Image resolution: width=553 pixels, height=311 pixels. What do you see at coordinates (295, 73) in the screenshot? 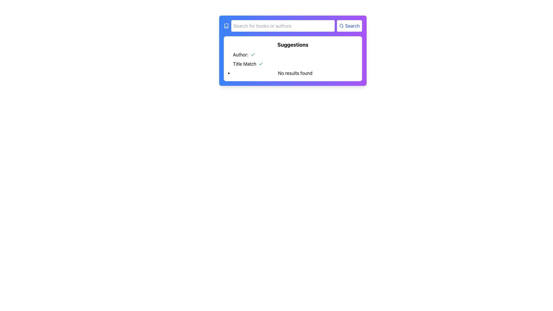
I see `the text label indicating that no relevant data was found, which is the last entry in the 'Suggestions' section` at bounding box center [295, 73].